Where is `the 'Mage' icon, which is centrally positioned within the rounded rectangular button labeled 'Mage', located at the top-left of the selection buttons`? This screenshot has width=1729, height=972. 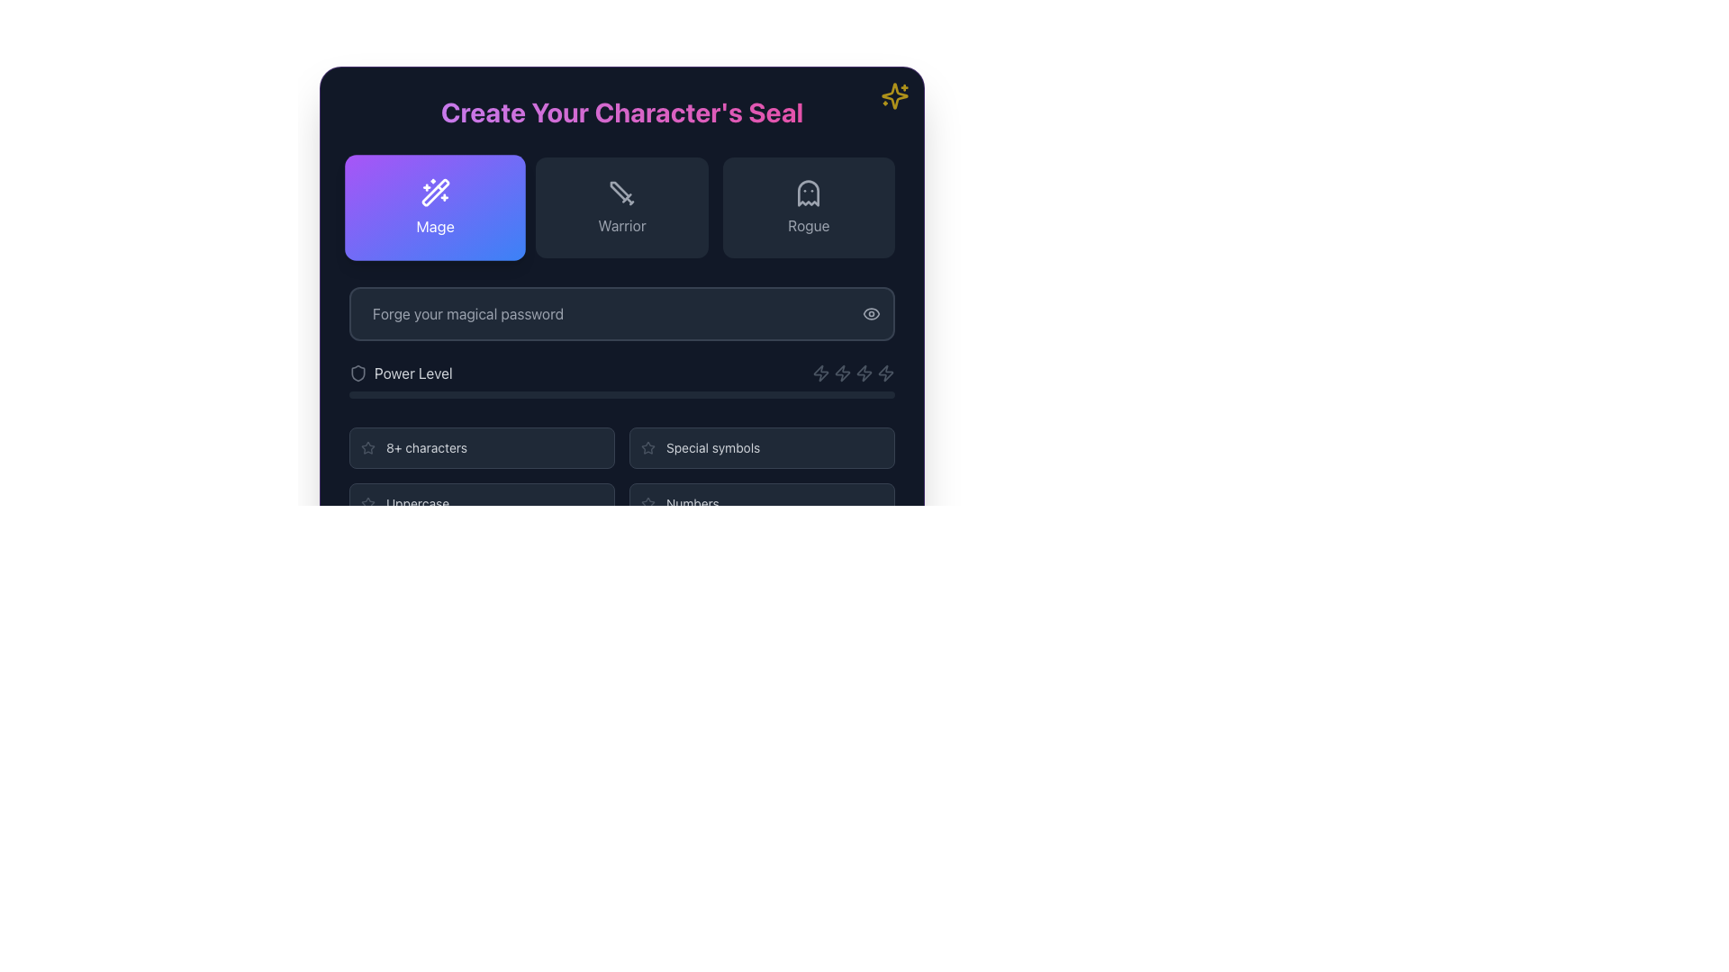
the 'Mage' icon, which is centrally positioned within the rounded rectangular button labeled 'Mage', located at the top-left of the selection buttons is located at coordinates (435, 193).